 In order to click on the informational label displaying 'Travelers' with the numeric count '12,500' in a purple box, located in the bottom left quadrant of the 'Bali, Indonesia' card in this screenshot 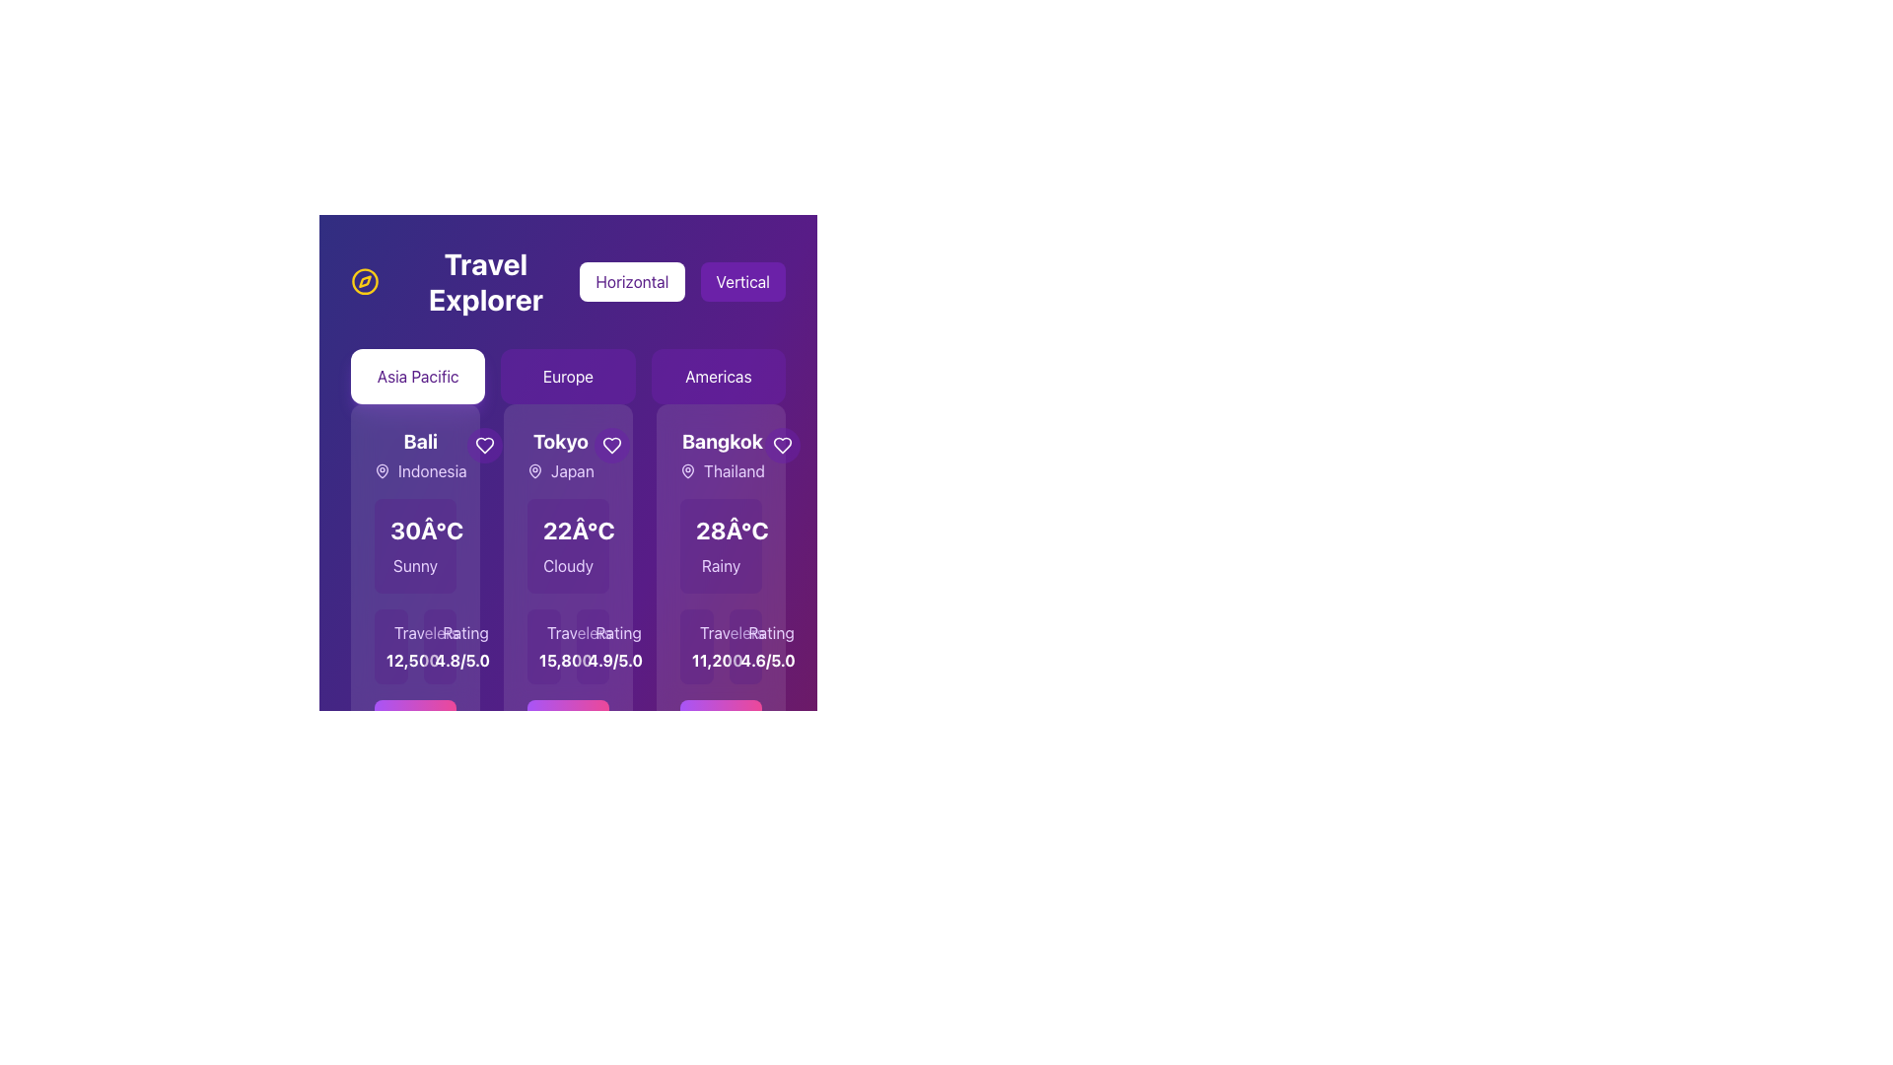, I will do `click(414, 646)`.